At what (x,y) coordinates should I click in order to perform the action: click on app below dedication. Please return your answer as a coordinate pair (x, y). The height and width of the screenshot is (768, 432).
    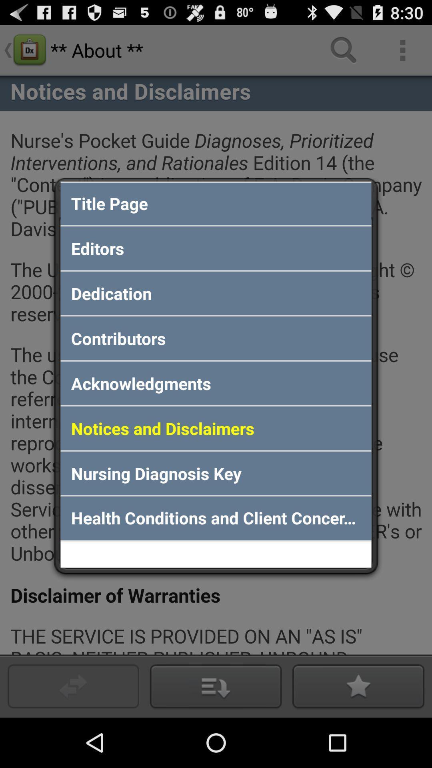
    Looking at the image, I should click on (216, 338).